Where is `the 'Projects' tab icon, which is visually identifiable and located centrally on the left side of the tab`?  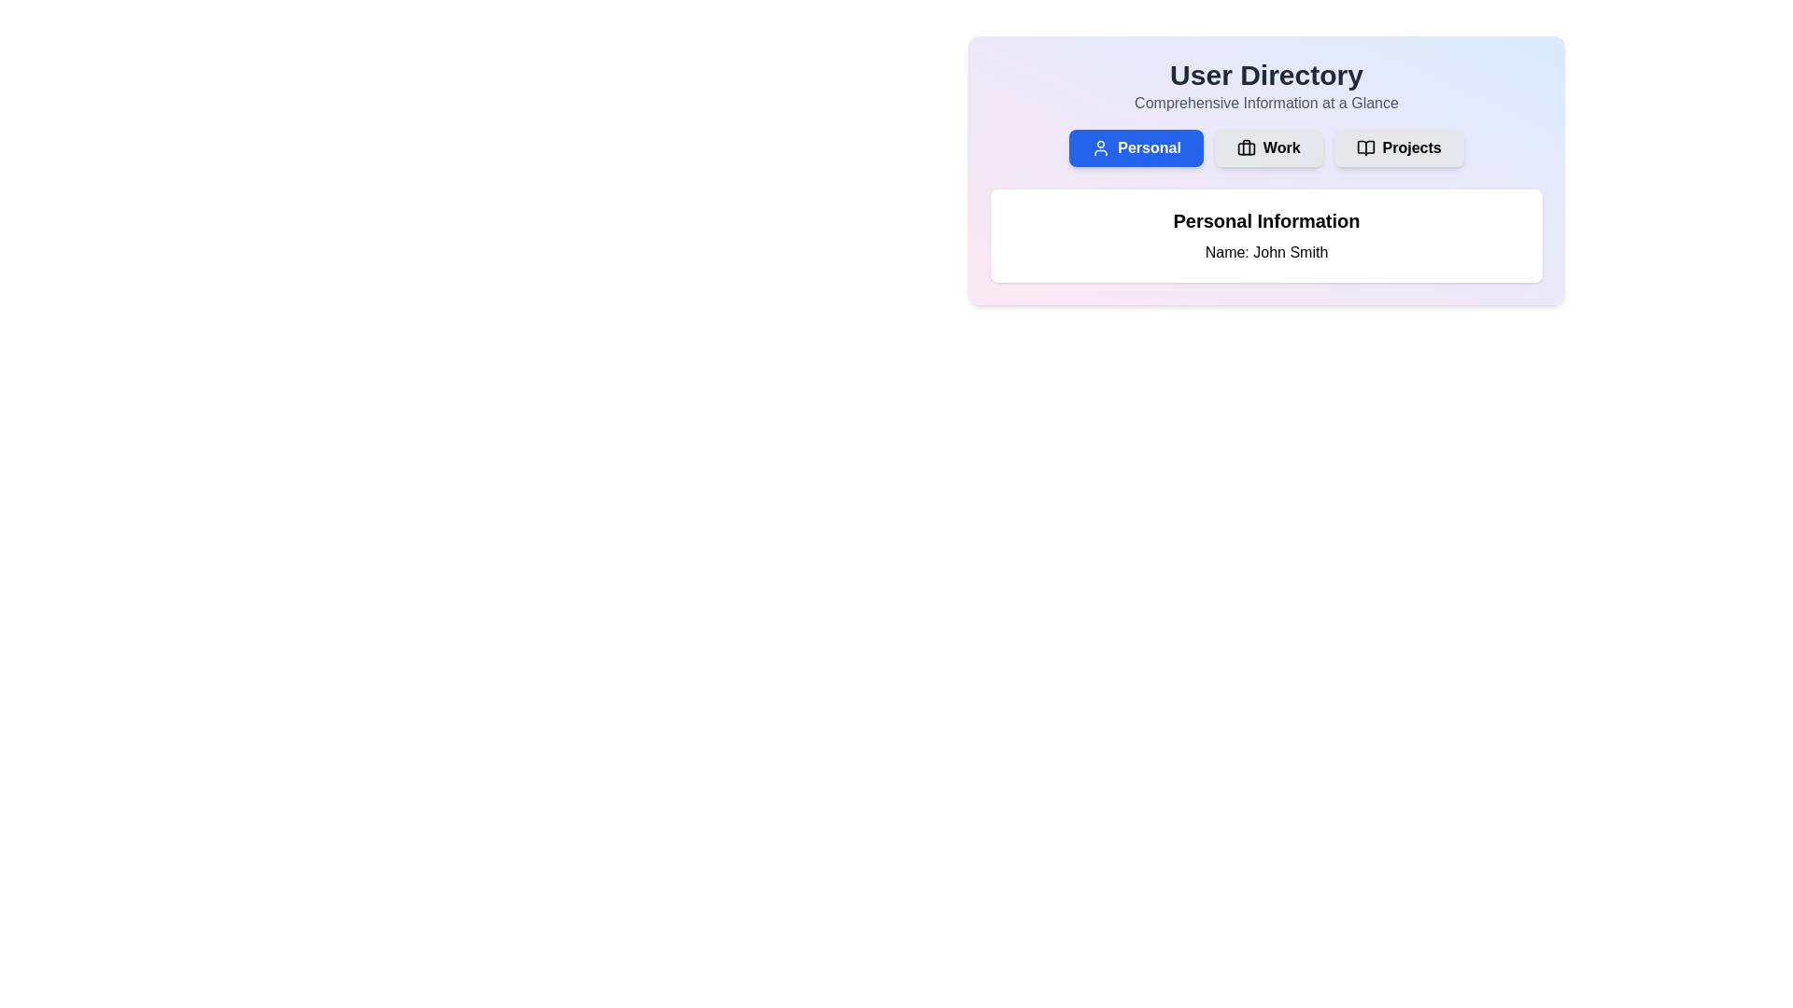 the 'Projects' tab icon, which is visually identifiable and located centrally on the left side of the tab is located at coordinates (1365, 147).